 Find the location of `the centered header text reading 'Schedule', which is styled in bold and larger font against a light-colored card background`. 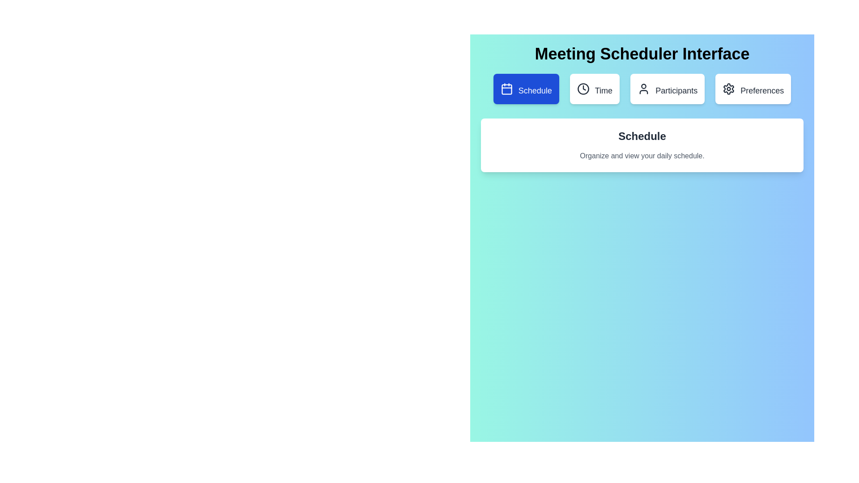

the centered header text reading 'Schedule', which is styled in bold and larger font against a light-colored card background is located at coordinates (642, 136).